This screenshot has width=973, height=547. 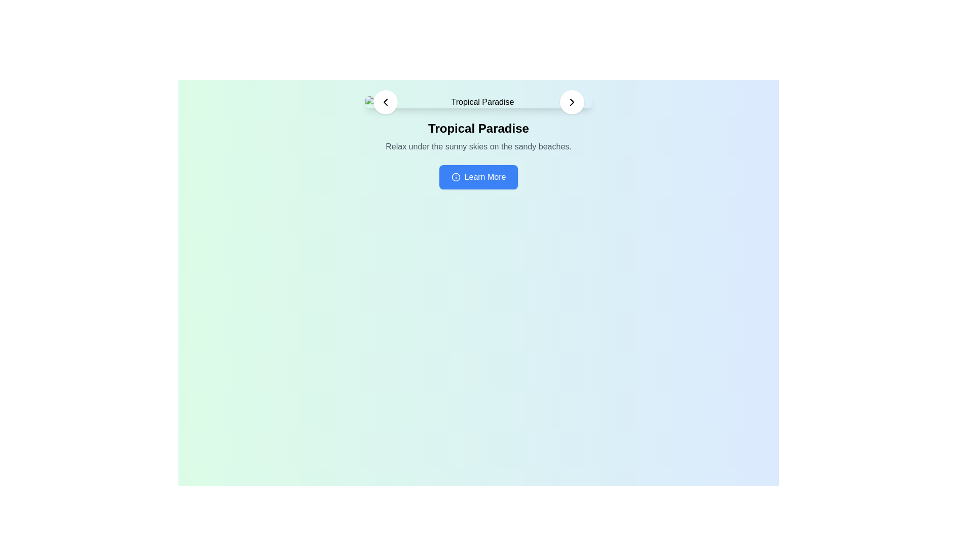 What do you see at coordinates (478, 137) in the screenshot?
I see `text content of the text block displaying the heading 'Tropical Paradise' and the subheading 'Relax under the sunny skies on the sandy beaches.'` at bounding box center [478, 137].